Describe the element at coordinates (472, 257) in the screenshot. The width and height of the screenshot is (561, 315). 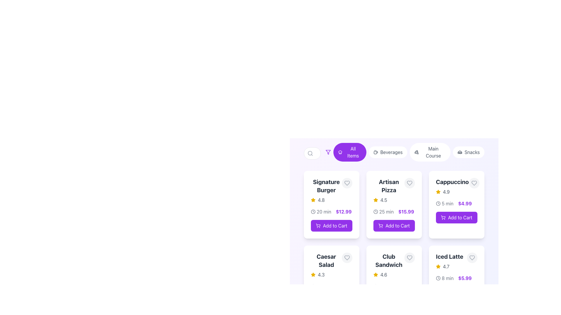
I see `the favorite button located at the top-right corner of the card displaying the item 'Iced Latte'` at that location.